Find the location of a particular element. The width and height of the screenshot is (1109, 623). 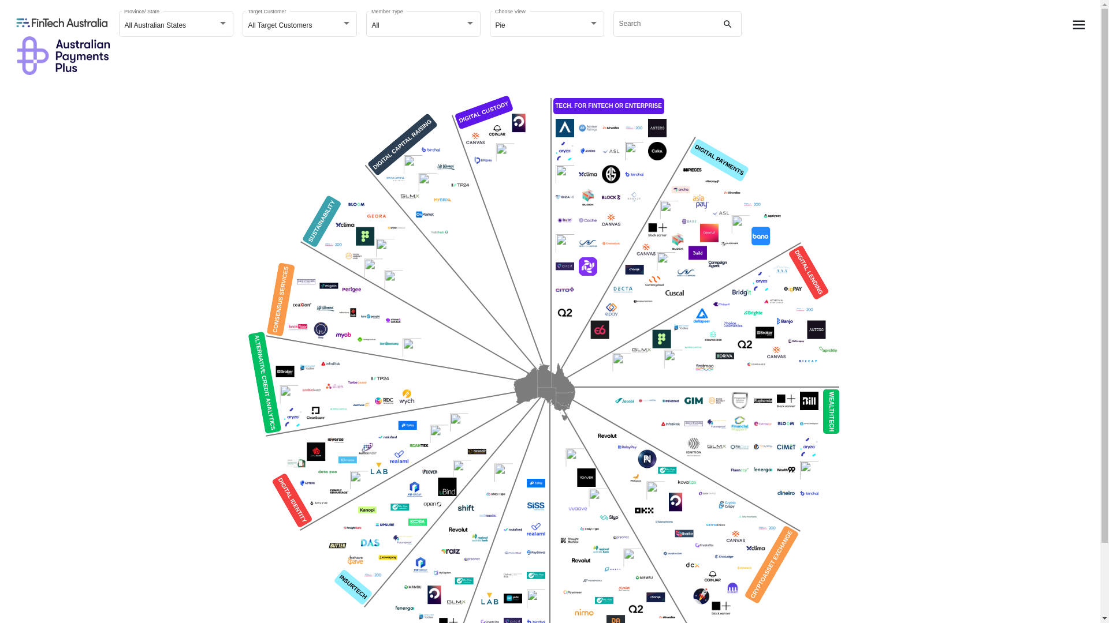

'Block Inc.' is located at coordinates (587, 197).